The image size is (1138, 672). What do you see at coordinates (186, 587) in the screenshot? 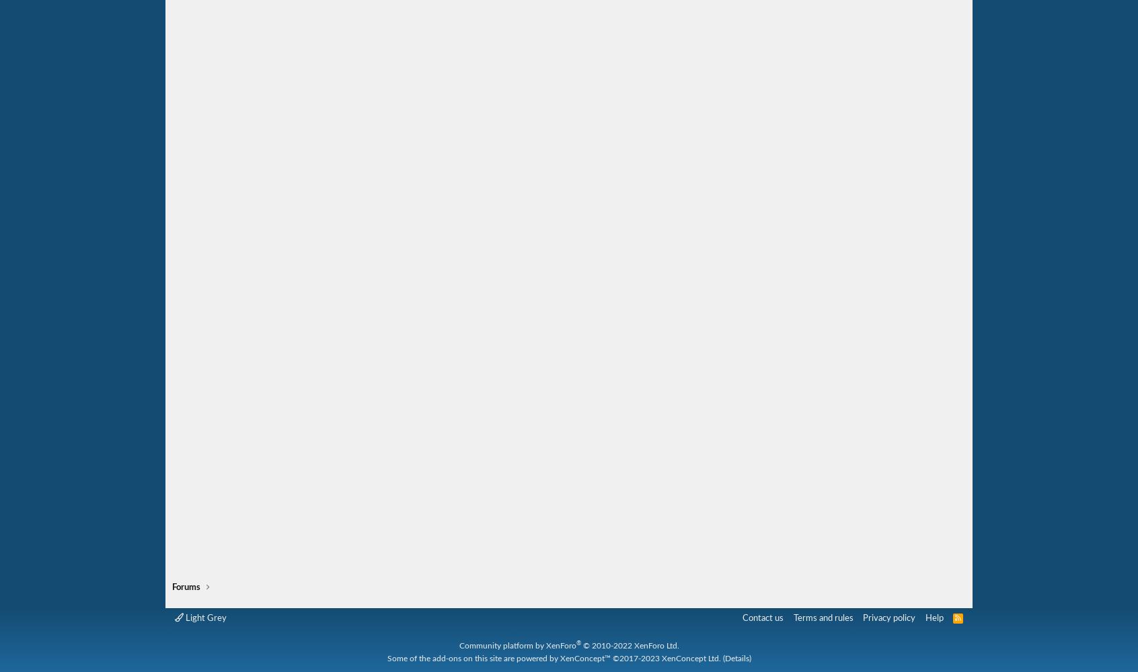
I see `'Forums'` at bounding box center [186, 587].